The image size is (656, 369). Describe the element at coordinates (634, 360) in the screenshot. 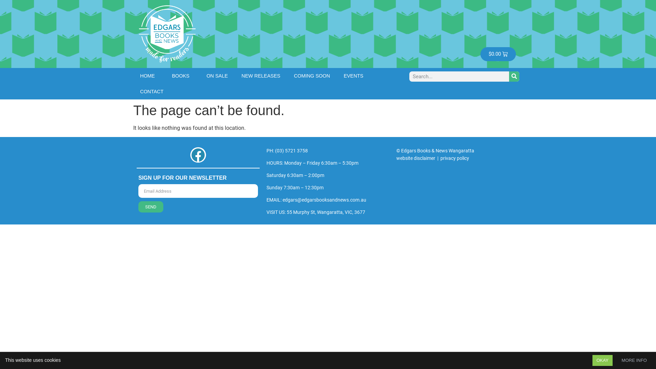

I see `'MORE INFO'` at that location.